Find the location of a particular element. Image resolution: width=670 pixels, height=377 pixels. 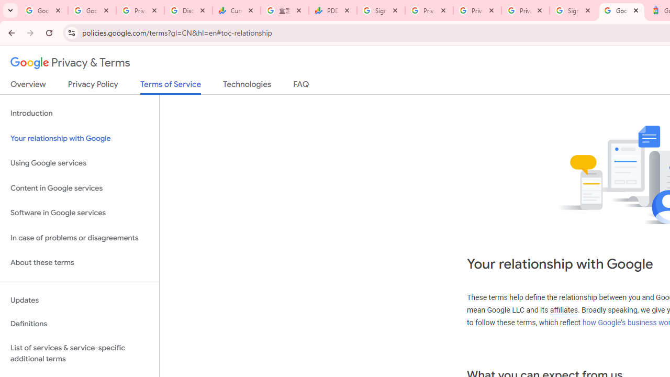

'Privacy Checkup' is located at coordinates (477, 10).